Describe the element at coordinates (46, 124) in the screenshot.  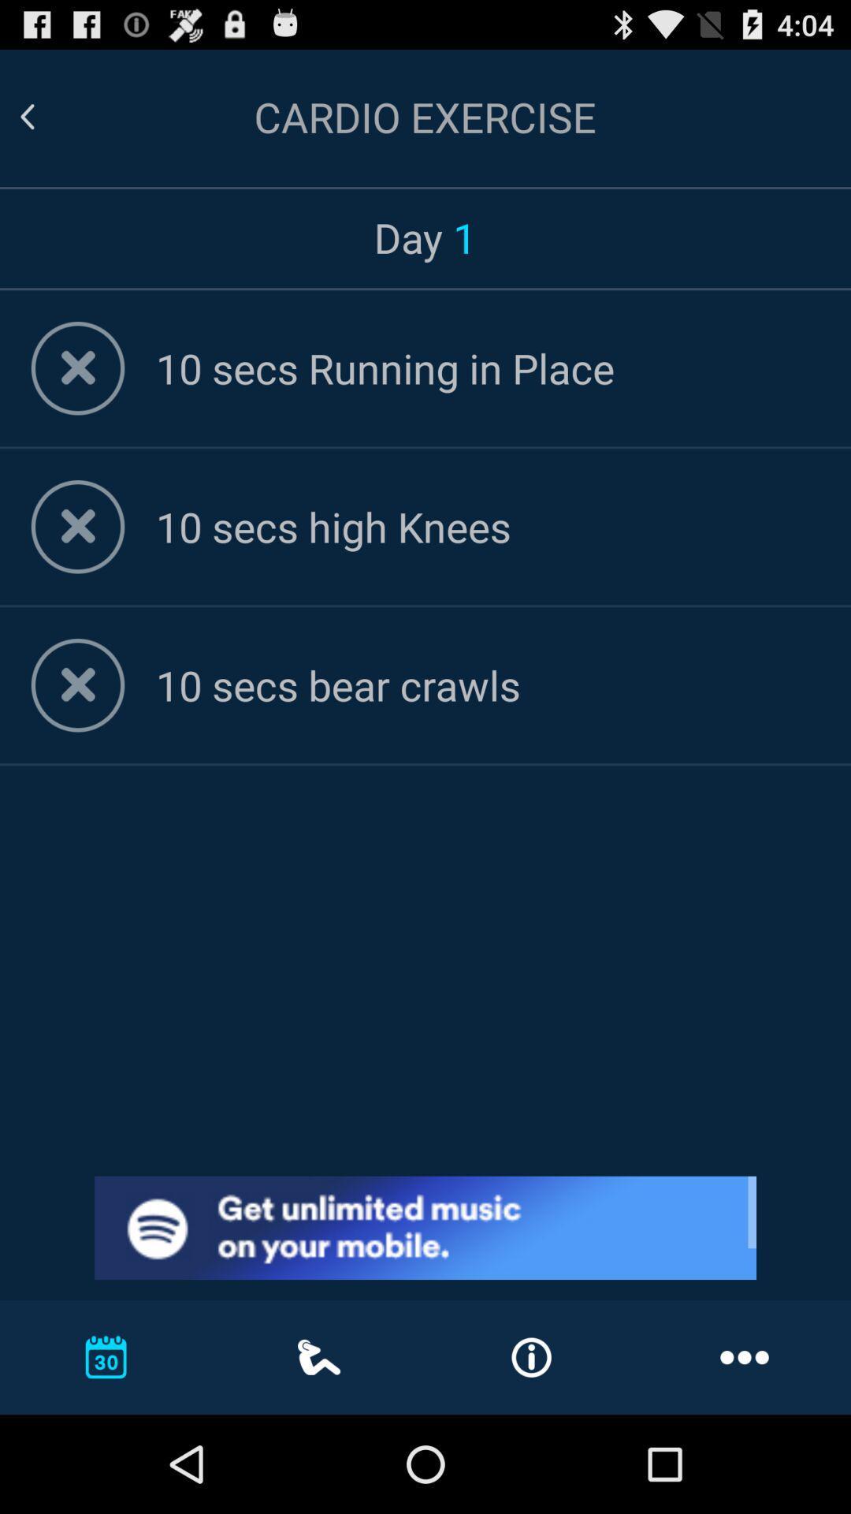
I see `the arrow_backward icon` at that location.